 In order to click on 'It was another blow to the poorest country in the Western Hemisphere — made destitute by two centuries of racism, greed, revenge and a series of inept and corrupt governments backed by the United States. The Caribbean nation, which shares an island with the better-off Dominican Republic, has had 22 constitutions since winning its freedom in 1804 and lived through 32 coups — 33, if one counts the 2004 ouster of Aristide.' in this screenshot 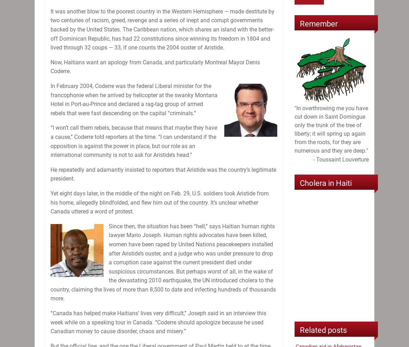, I will do `click(50, 29)`.